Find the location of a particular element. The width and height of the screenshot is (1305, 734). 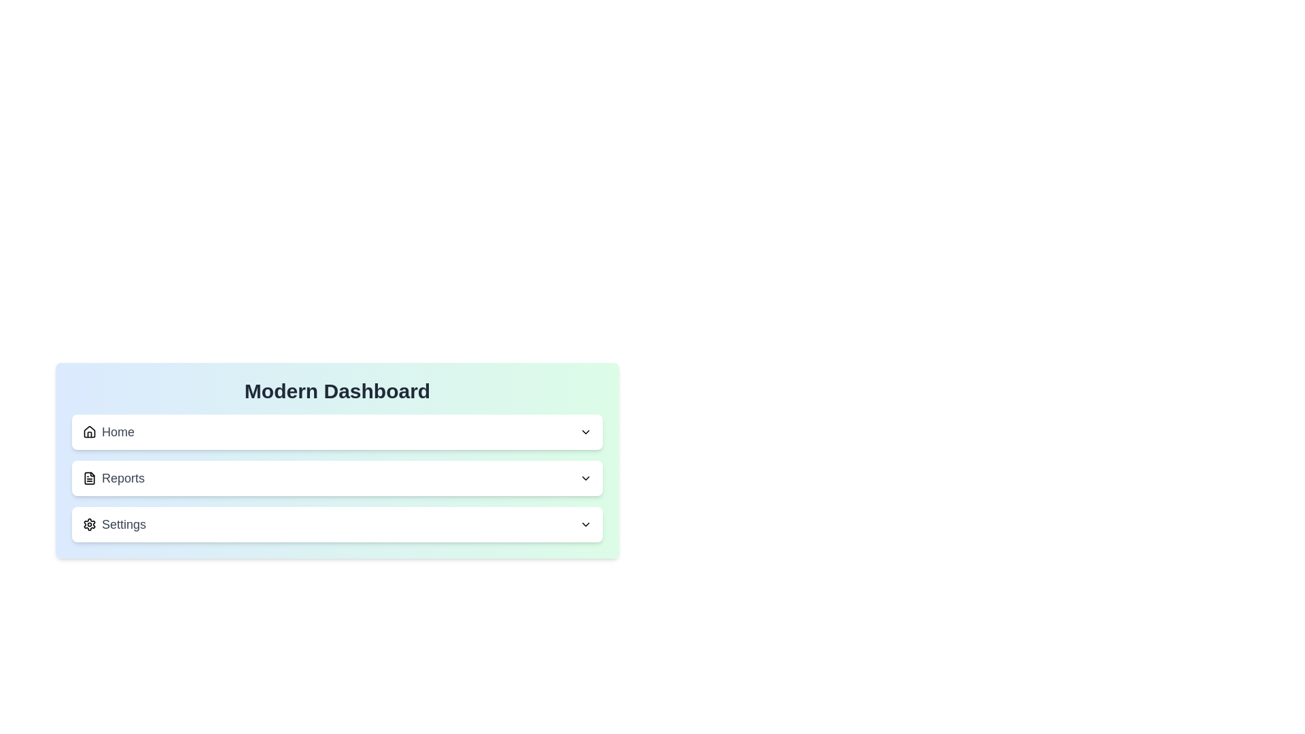

the 'Home' icon located at the top-left of the navigation bar is located at coordinates (89, 432).